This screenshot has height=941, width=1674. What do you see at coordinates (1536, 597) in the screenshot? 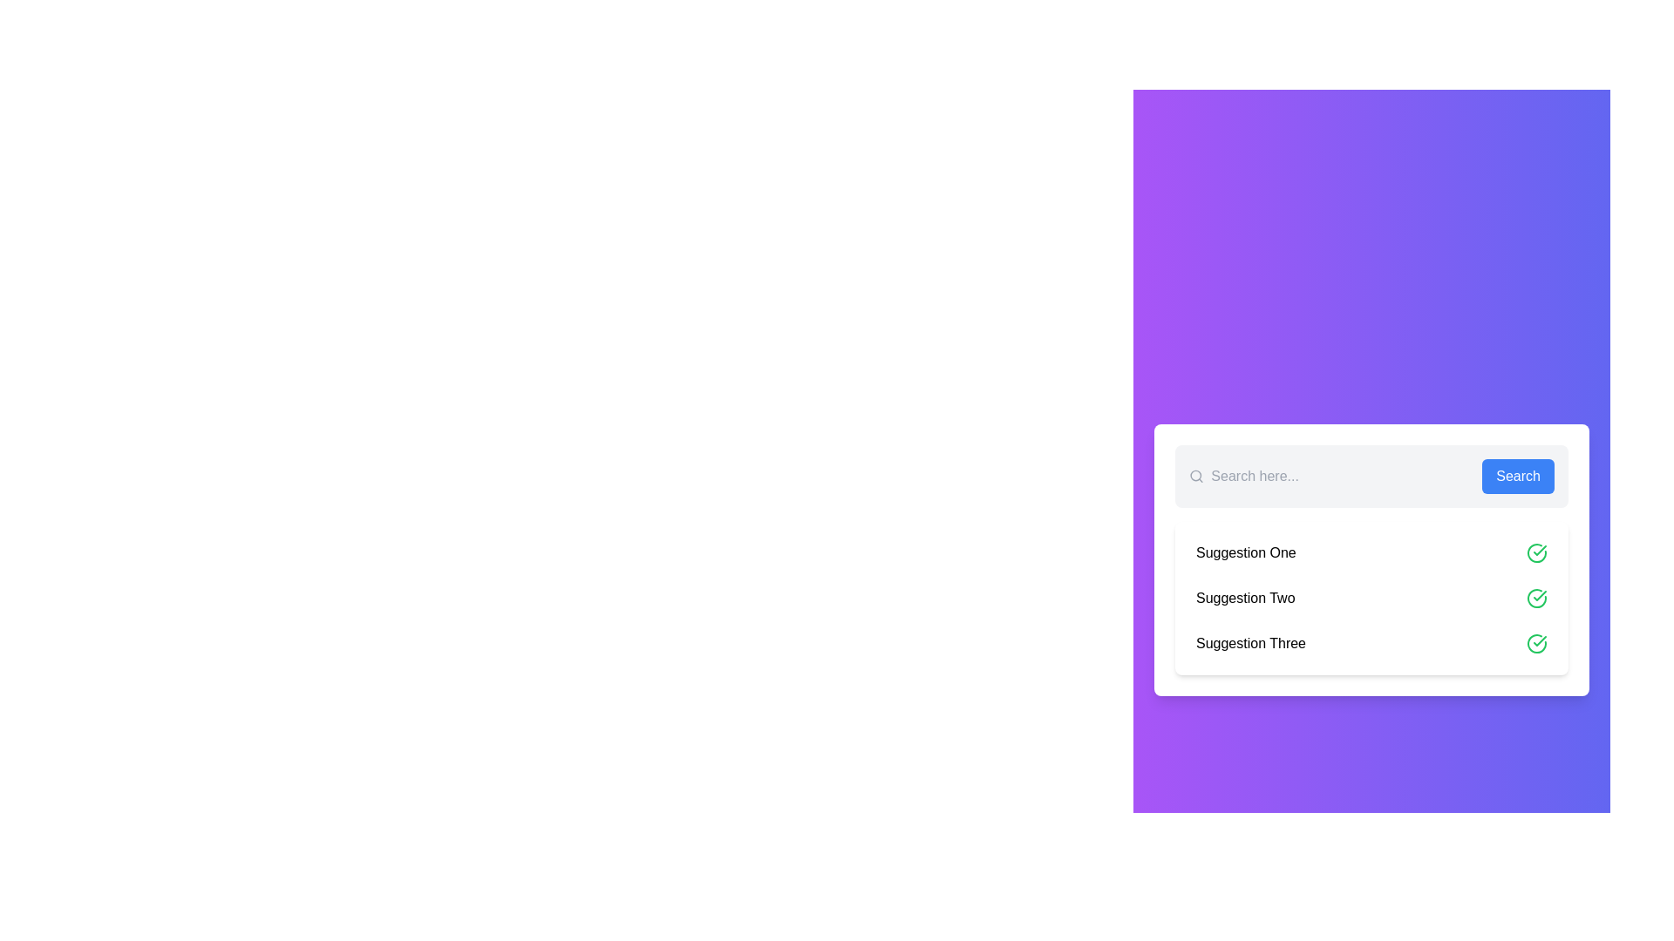
I see `the circular checkmark icon with a green outline, which indicates confirmation, located to the far right of the list item labeled 'Suggestion Two'` at bounding box center [1536, 597].